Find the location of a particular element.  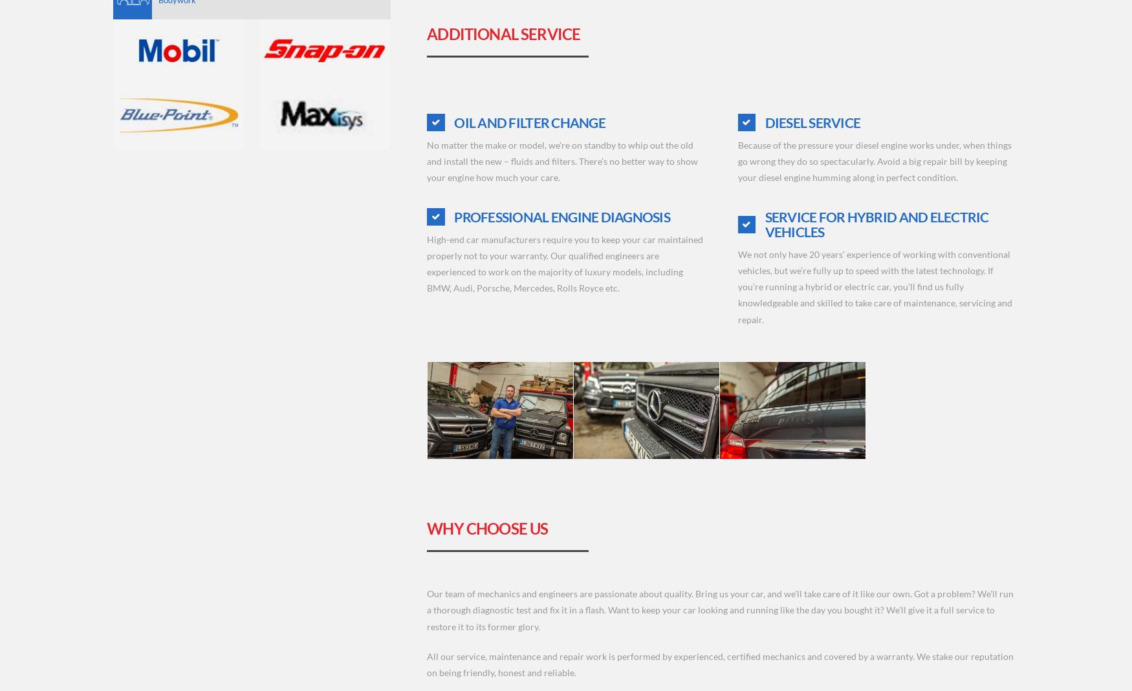

'Additional Service' is located at coordinates (503, 33).